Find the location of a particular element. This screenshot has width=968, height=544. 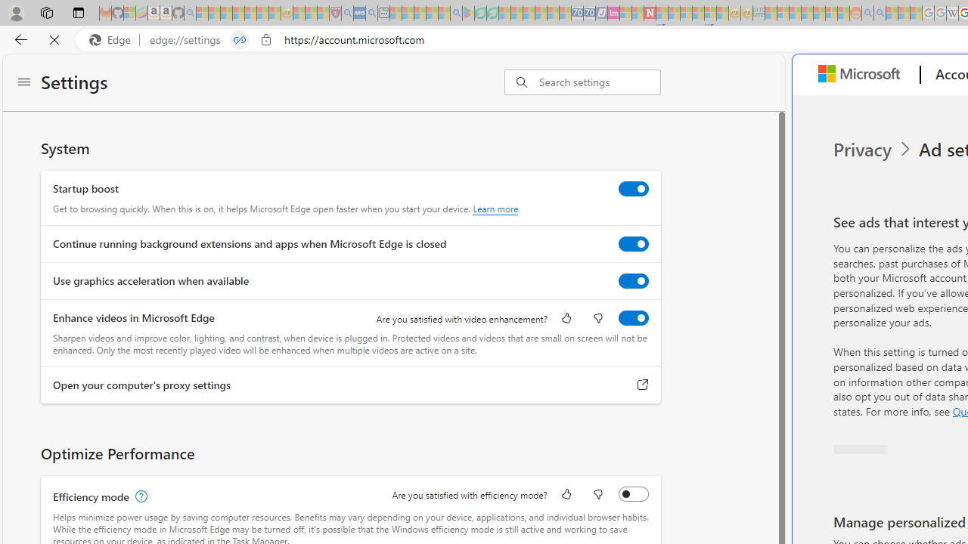

'Terms of Use Agreement - Sleeping' is located at coordinates (479, 13).